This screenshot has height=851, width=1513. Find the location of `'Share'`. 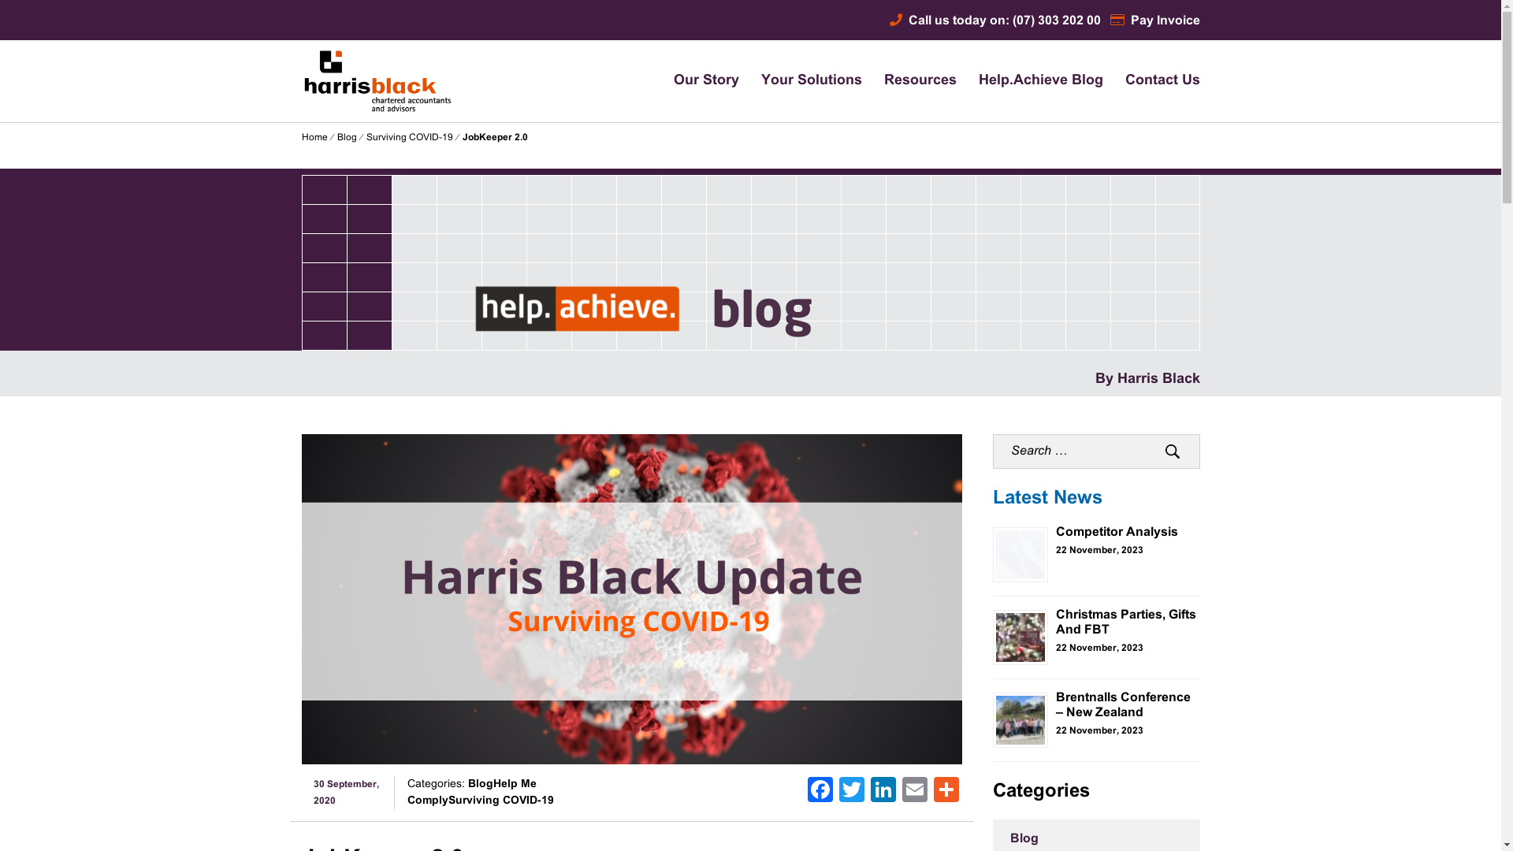

'Share' is located at coordinates (930, 793).